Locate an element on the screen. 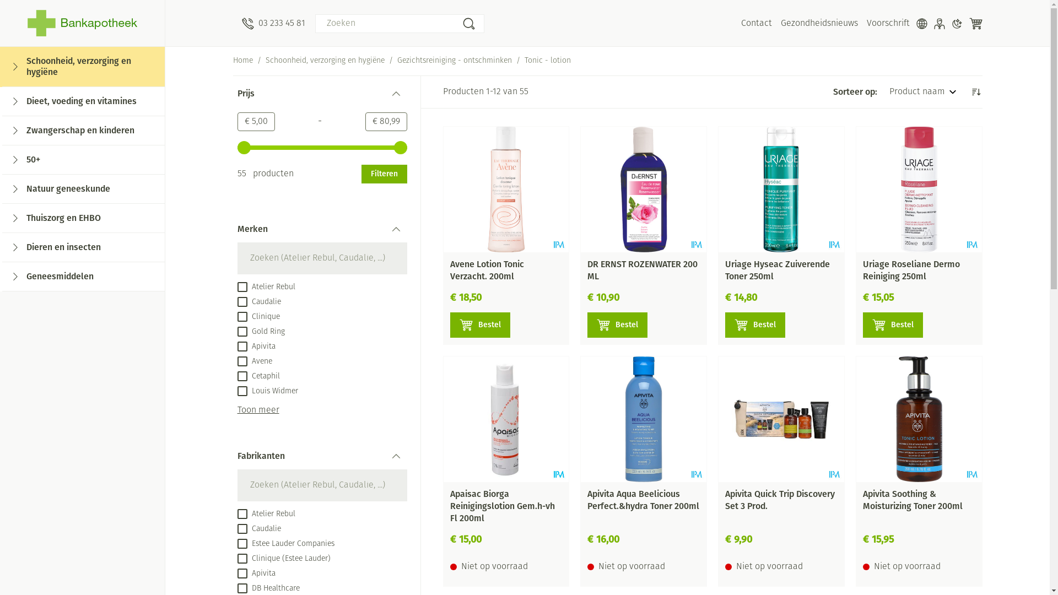 This screenshot has width=1058, height=595. 'on' is located at coordinates (236, 573).